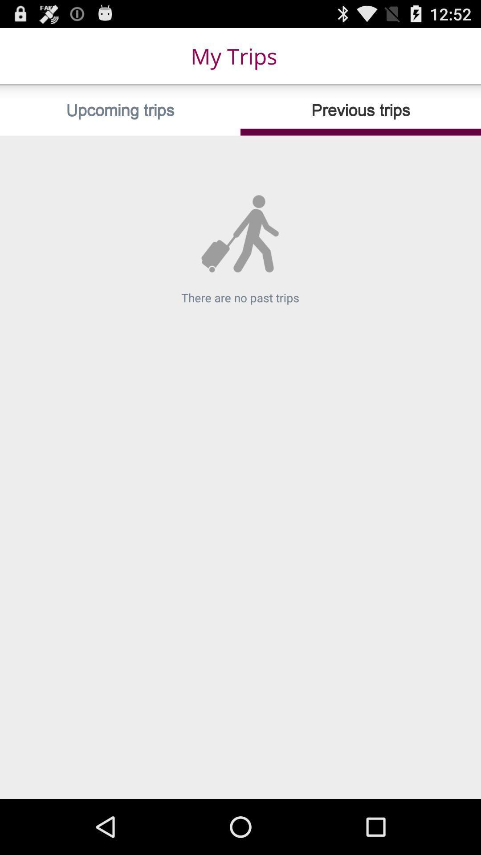 This screenshot has height=855, width=481. Describe the element at coordinates (361, 110) in the screenshot. I see `item next to the upcoming trips` at that location.